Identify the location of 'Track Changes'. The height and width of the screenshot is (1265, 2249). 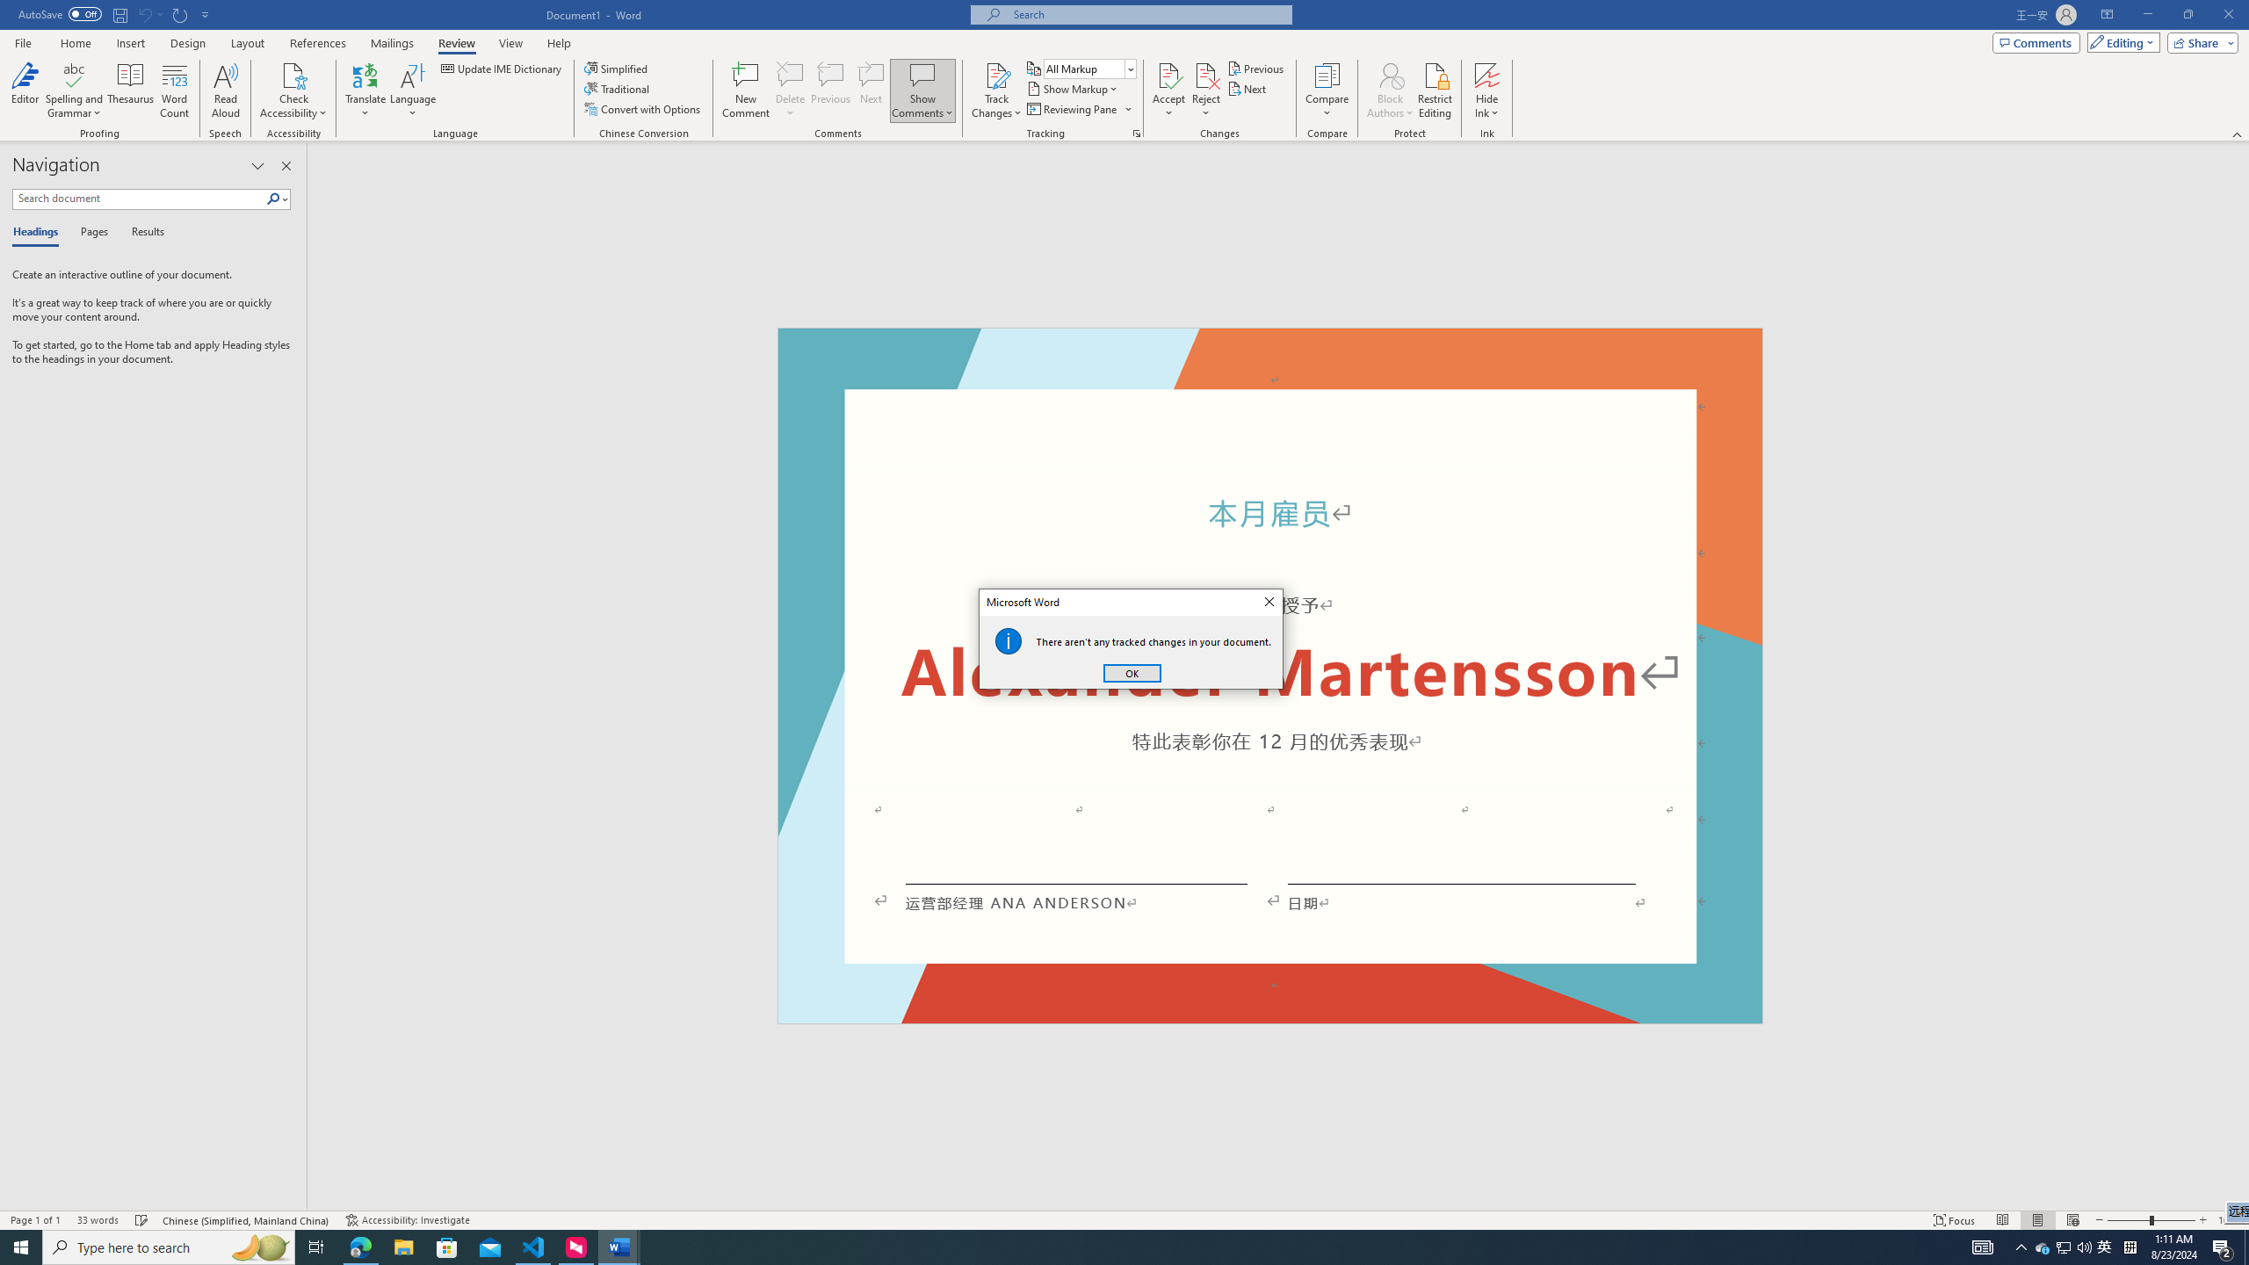
(995, 74).